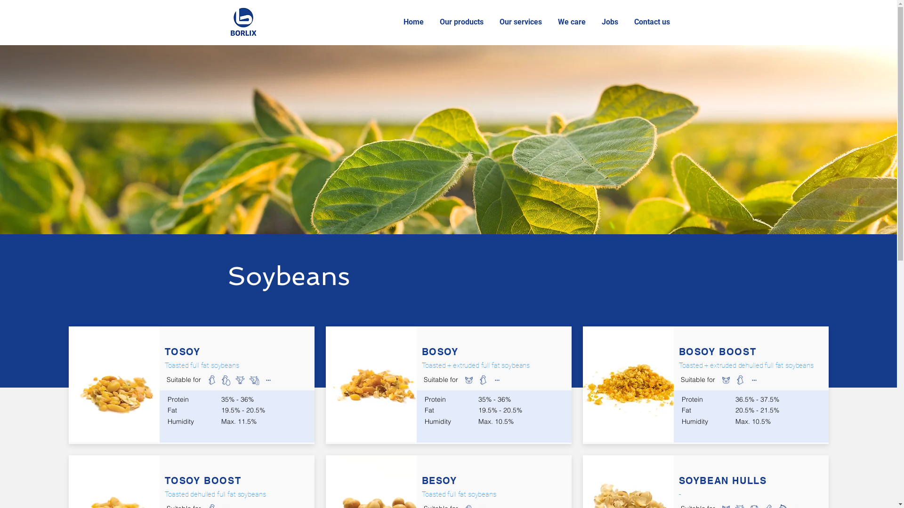  I want to click on 'Broilers', so click(483, 379).